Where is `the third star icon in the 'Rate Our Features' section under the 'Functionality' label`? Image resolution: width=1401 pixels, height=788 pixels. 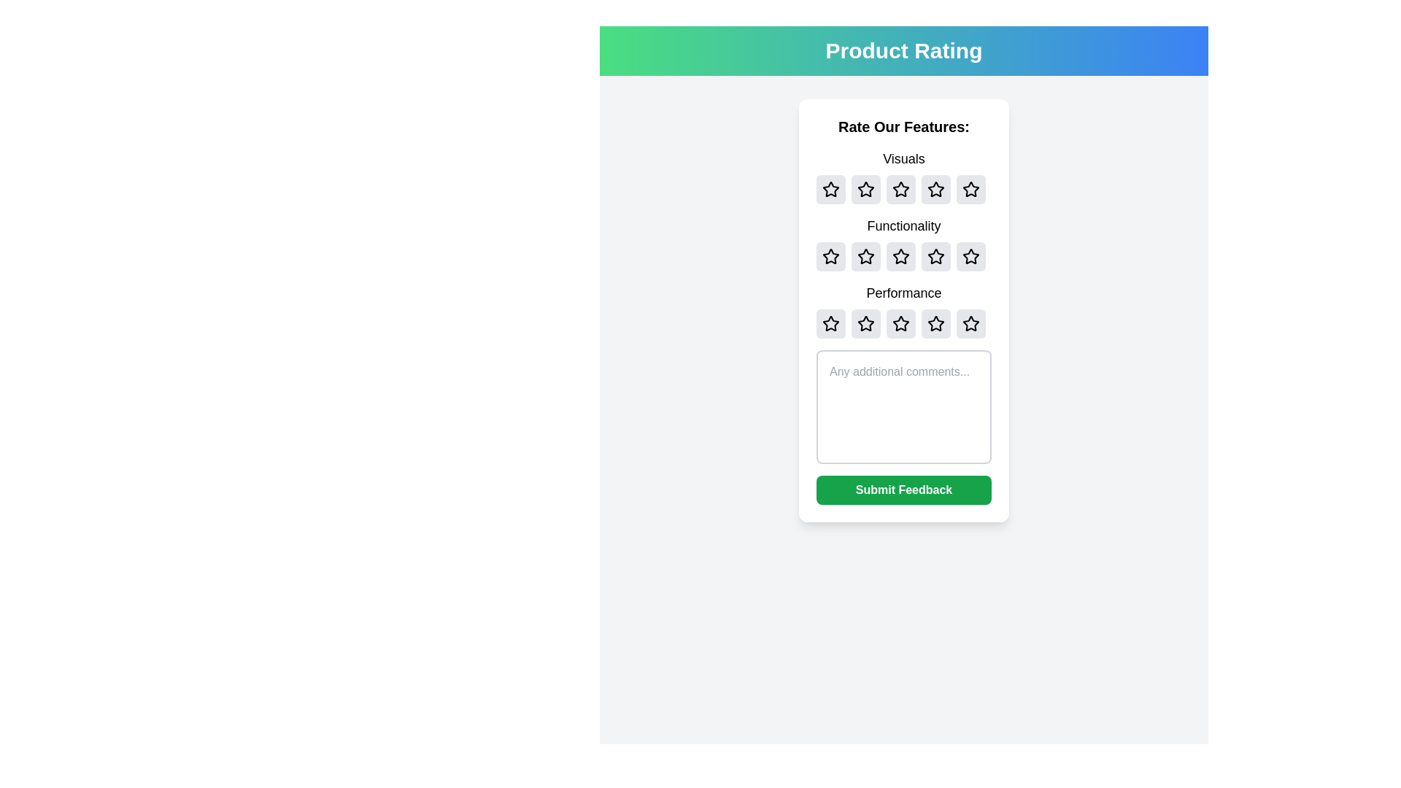 the third star icon in the 'Rate Our Features' section under the 'Functionality' label is located at coordinates (903, 255).